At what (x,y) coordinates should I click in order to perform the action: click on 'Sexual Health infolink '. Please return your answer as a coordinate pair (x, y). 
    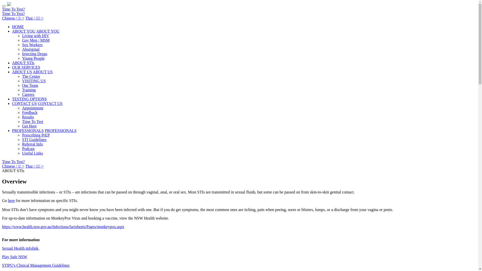
    Looking at the image, I should click on (20, 248).